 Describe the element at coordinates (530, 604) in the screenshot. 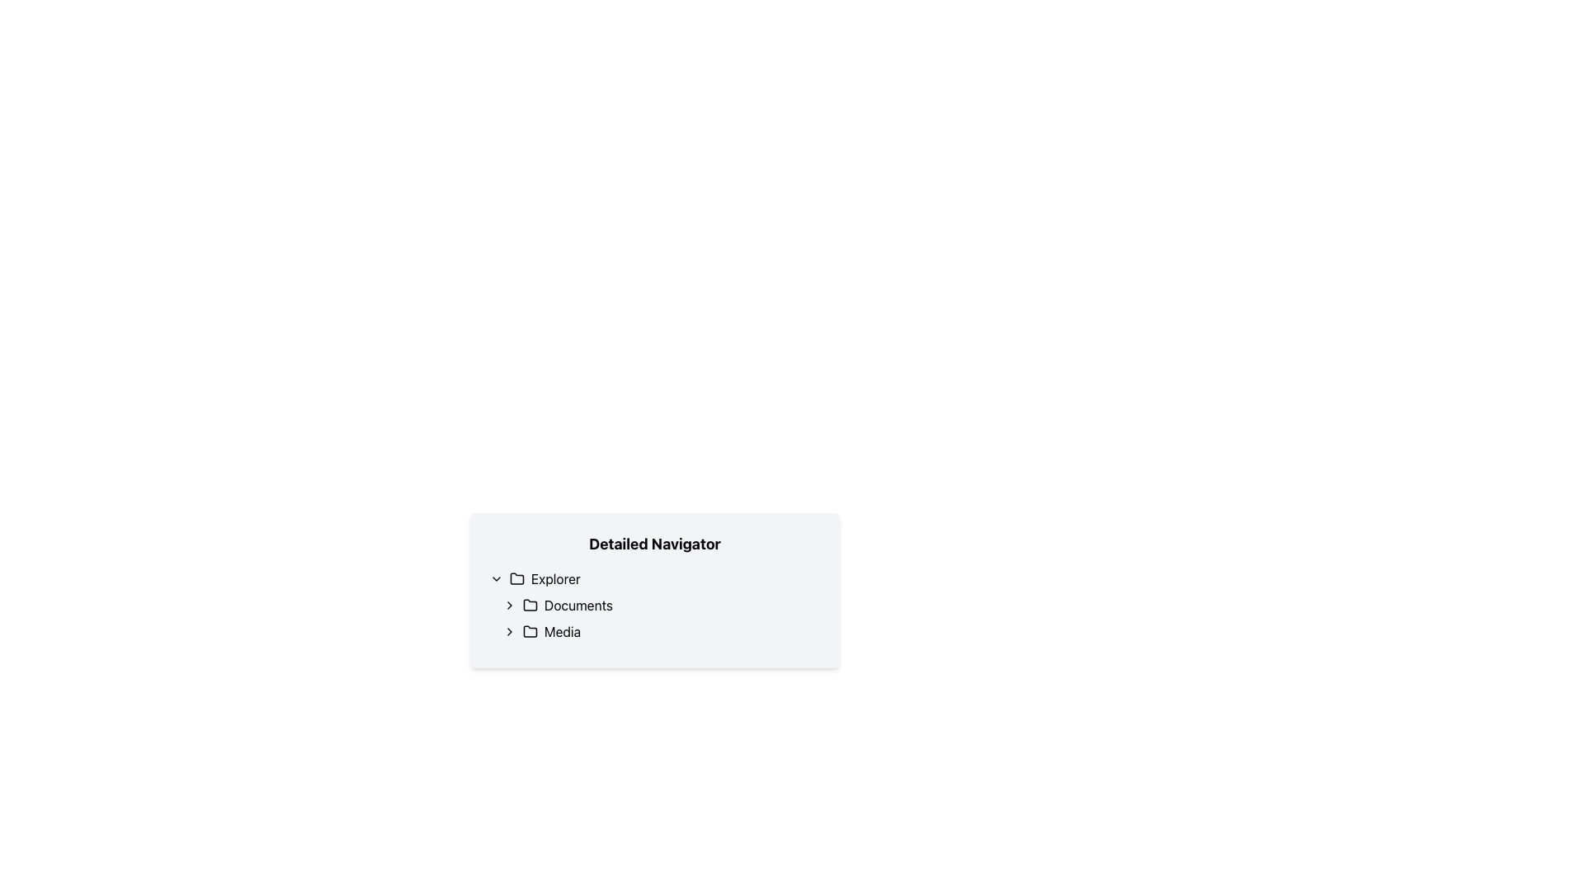

I see `the folder icon in the 'Detailed Navigator' section, next to the 'Documents' label` at that location.